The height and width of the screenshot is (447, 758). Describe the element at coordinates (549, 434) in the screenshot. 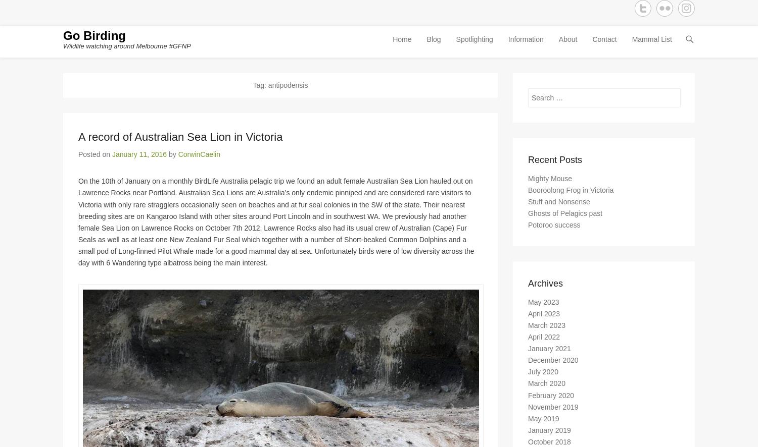

I see `'January 2019'` at that location.